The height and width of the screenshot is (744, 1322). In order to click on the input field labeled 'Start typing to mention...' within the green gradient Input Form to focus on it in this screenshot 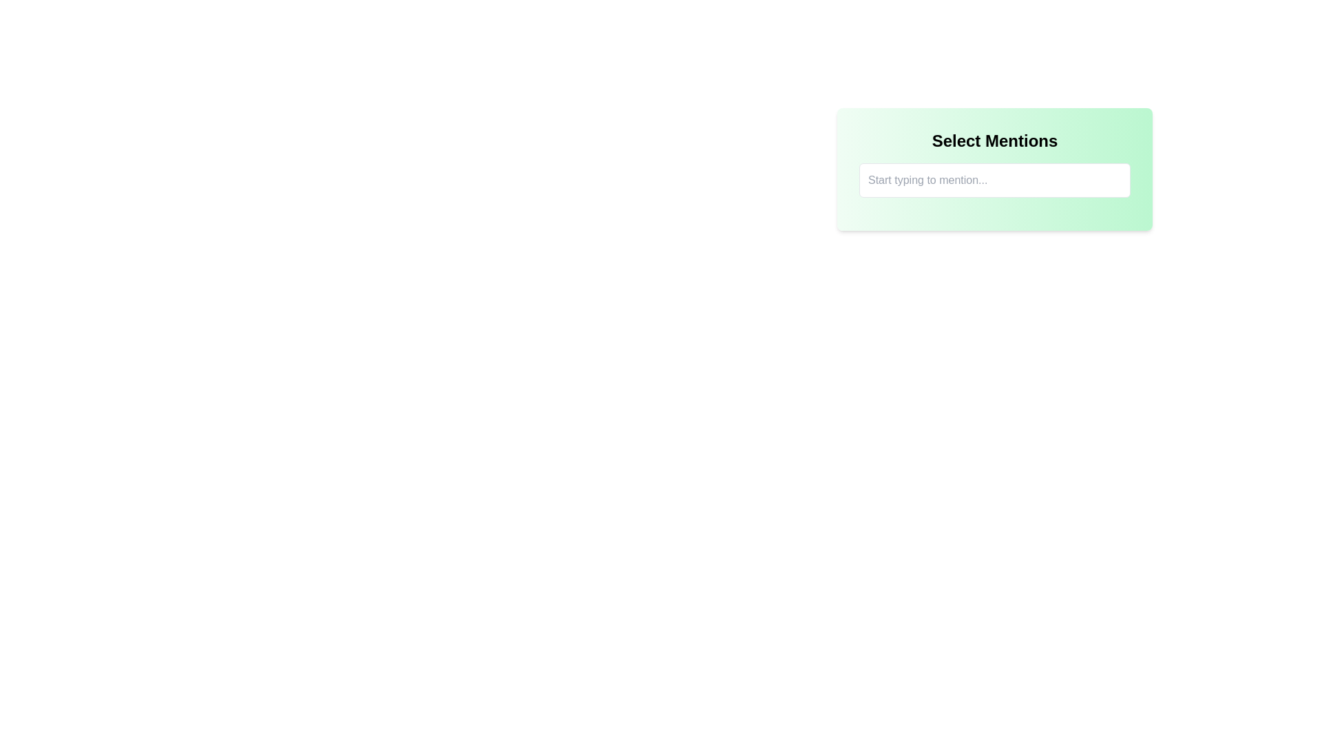, I will do `click(994, 169)`.